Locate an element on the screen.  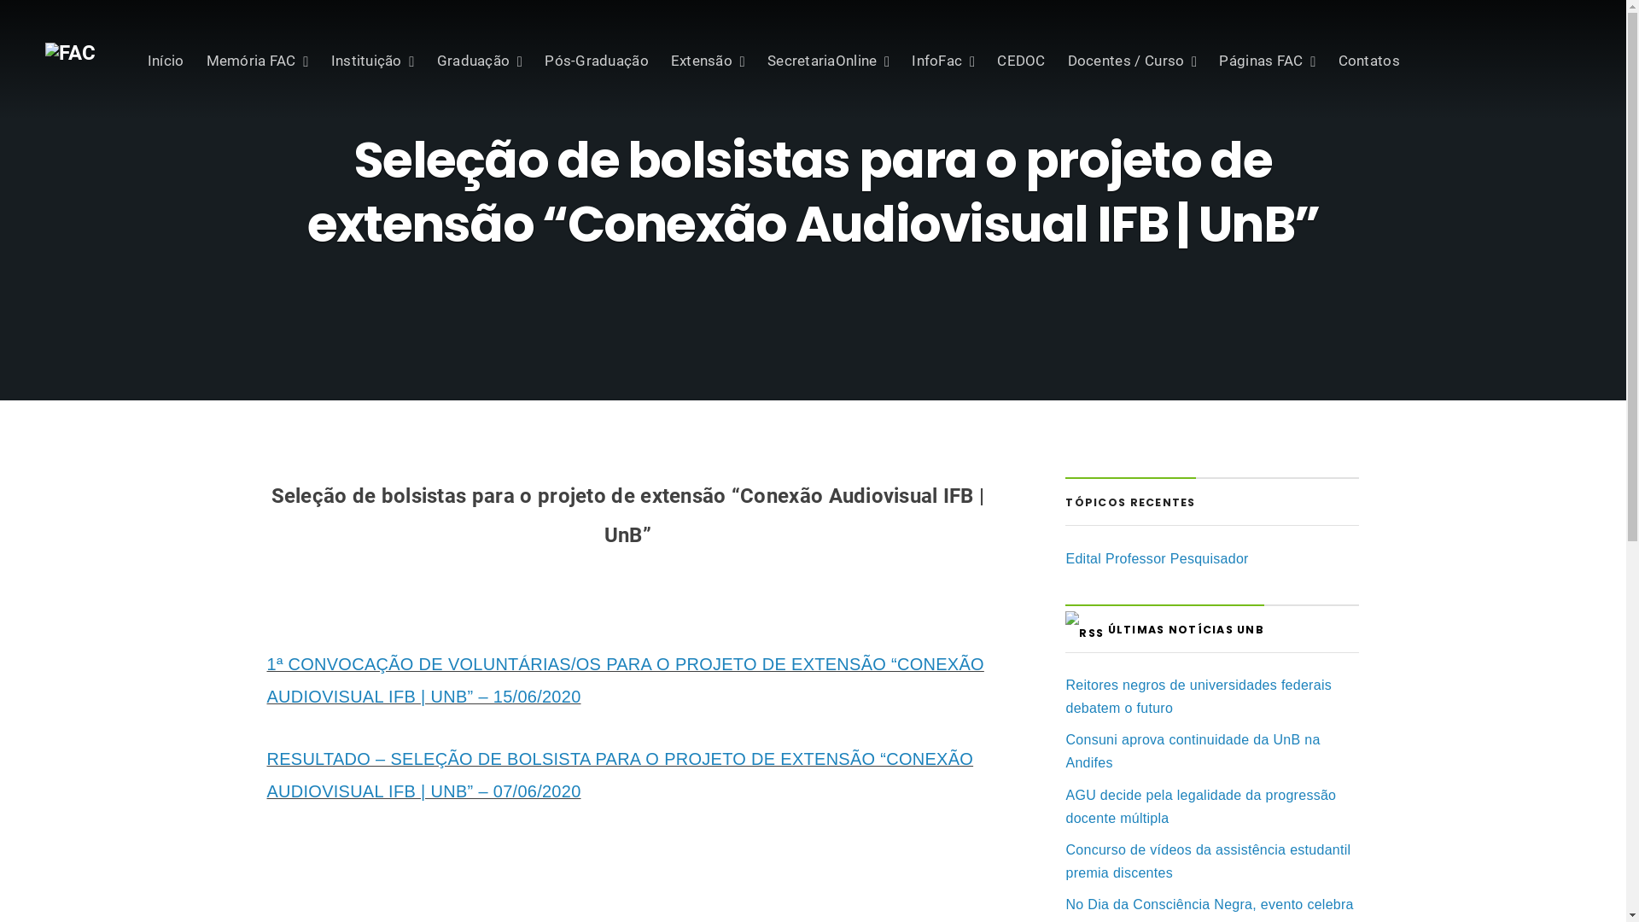
'Edital Professor Pesquisador' is located at coordinates (1156, 558).